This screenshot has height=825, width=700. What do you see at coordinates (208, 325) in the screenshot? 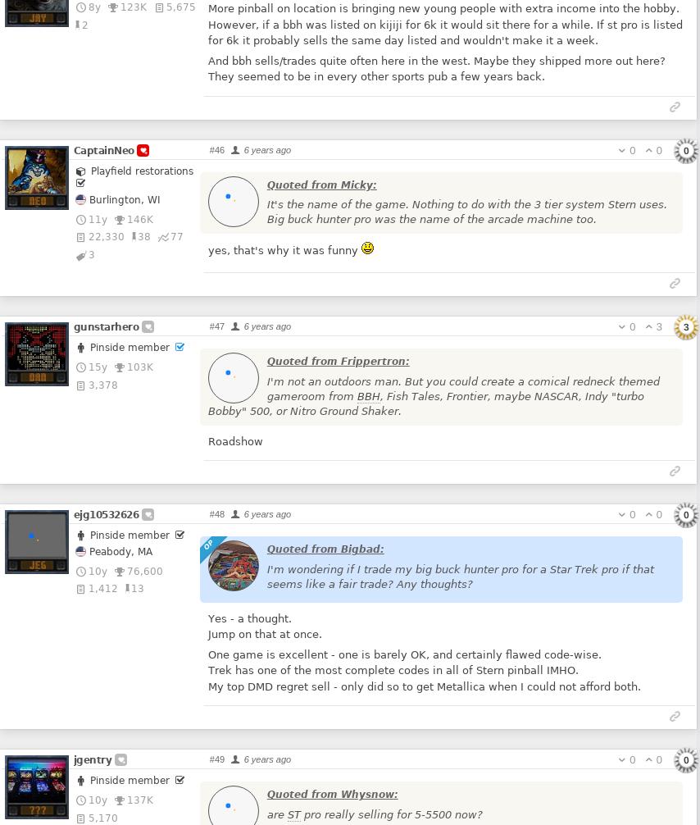
I see `'#47'` at bounding box center [208, 325].